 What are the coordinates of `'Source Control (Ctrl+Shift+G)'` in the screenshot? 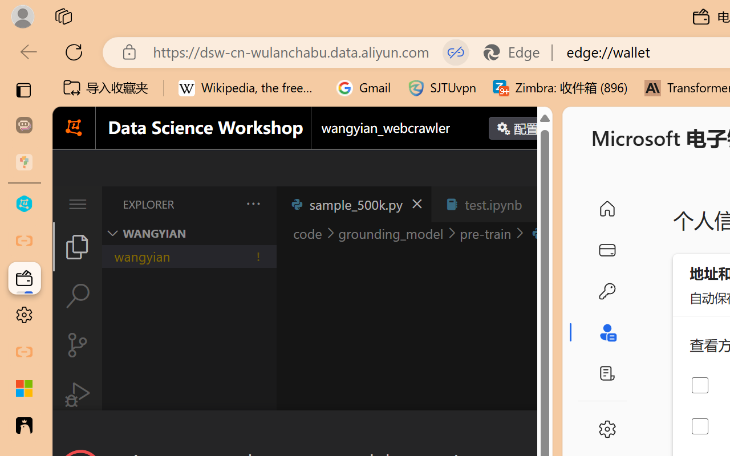 It's located at (76, 345).